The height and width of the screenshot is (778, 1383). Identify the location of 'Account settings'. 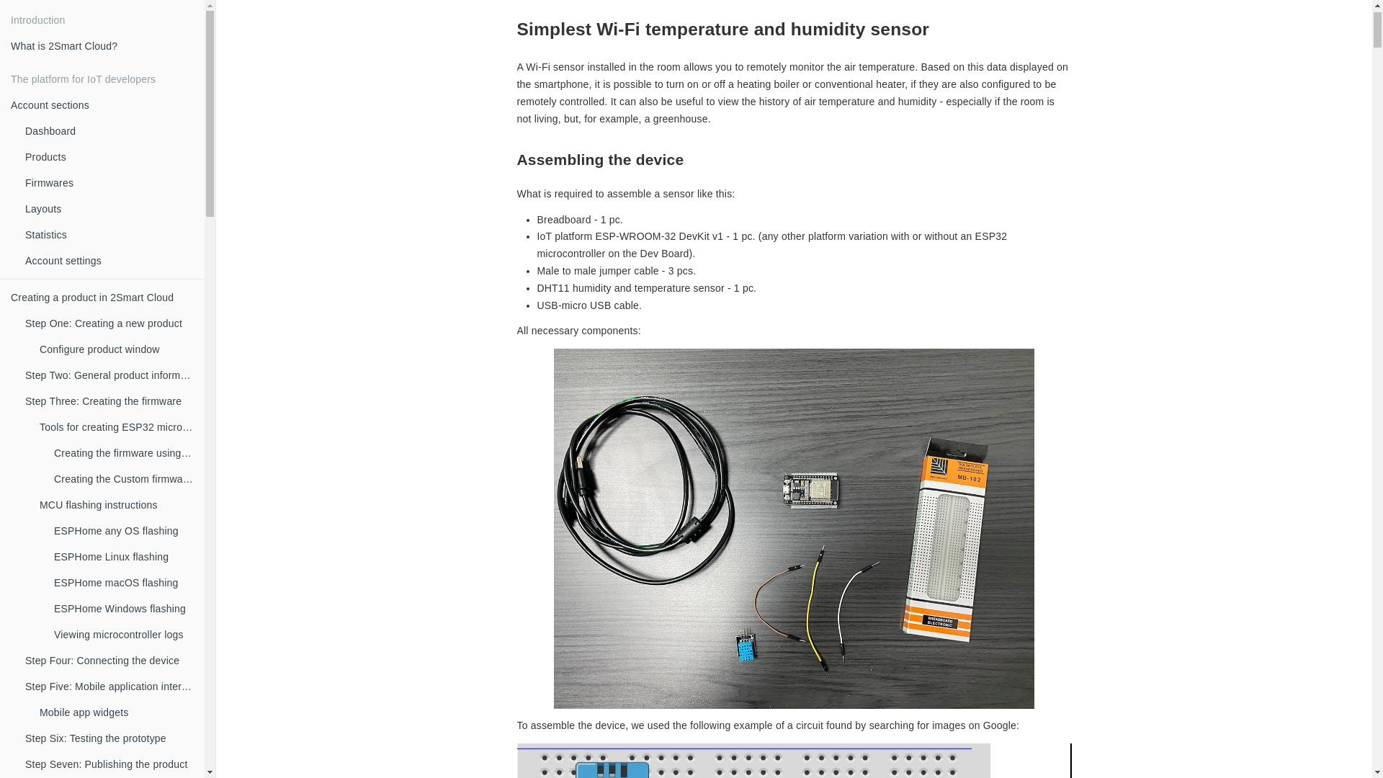
(109, 261).